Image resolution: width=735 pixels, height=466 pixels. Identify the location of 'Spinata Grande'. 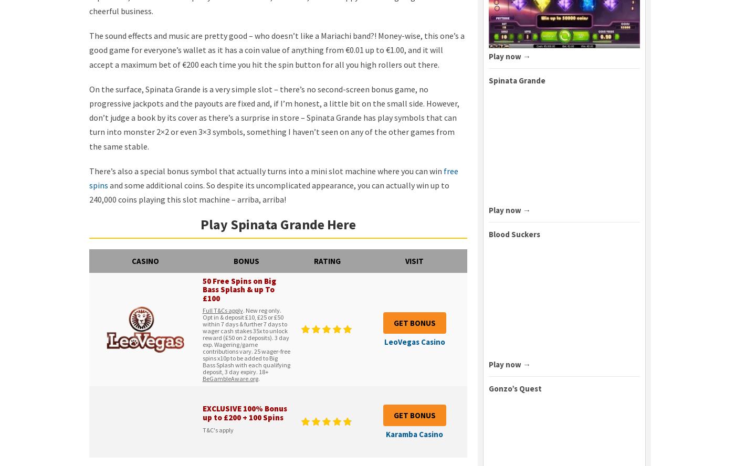
(517, 80).